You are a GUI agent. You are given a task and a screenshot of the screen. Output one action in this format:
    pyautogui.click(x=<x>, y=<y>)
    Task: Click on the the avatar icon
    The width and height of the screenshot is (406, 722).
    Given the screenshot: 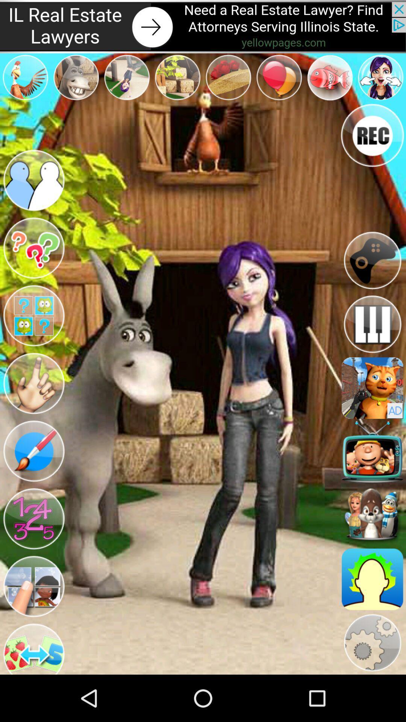 What is the action you would take?
    pyautogui.click(x=372, y=620)
    